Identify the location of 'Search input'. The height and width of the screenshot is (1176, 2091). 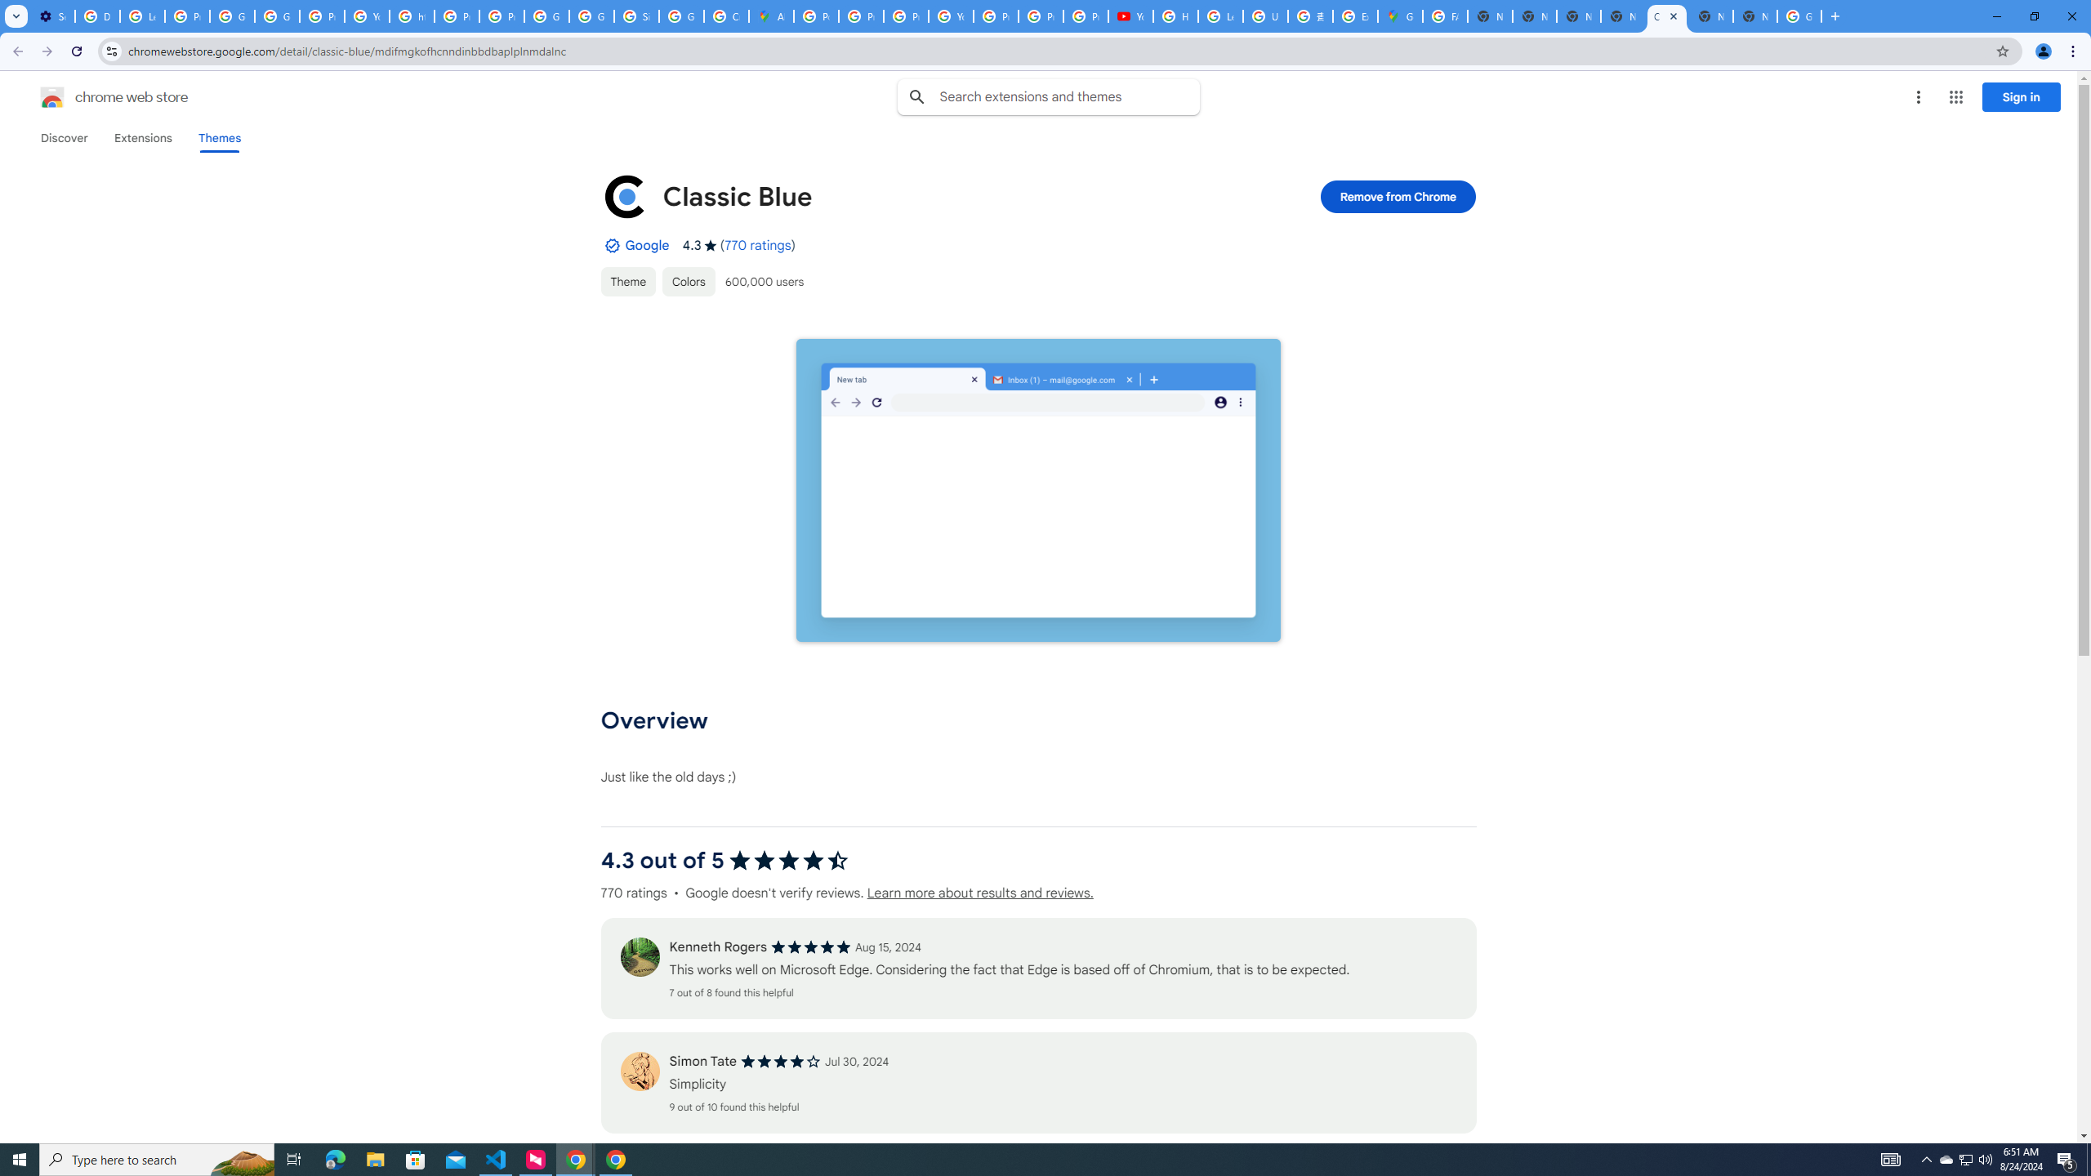
(1068, 96).